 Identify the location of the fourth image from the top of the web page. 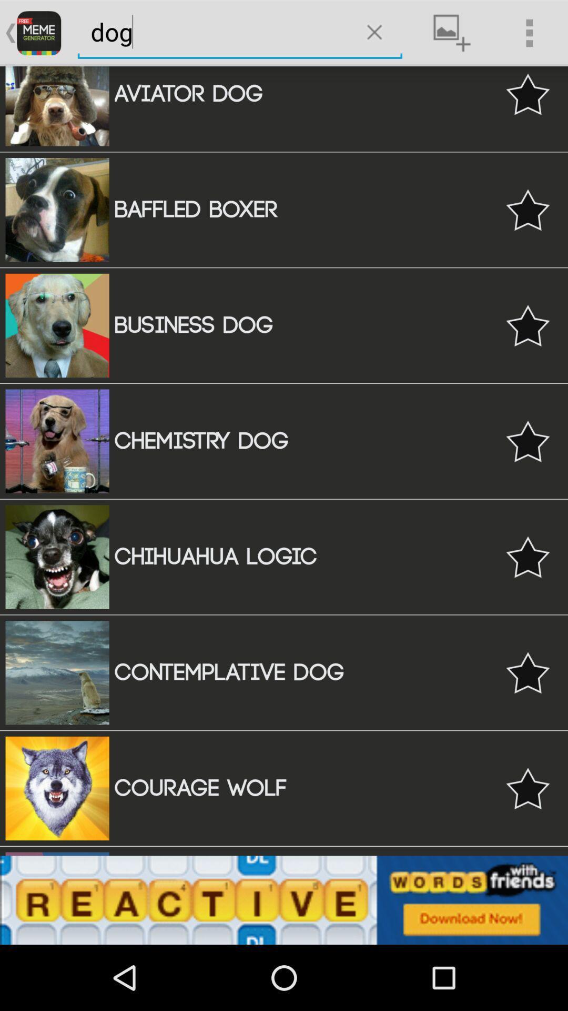
(57, 441).